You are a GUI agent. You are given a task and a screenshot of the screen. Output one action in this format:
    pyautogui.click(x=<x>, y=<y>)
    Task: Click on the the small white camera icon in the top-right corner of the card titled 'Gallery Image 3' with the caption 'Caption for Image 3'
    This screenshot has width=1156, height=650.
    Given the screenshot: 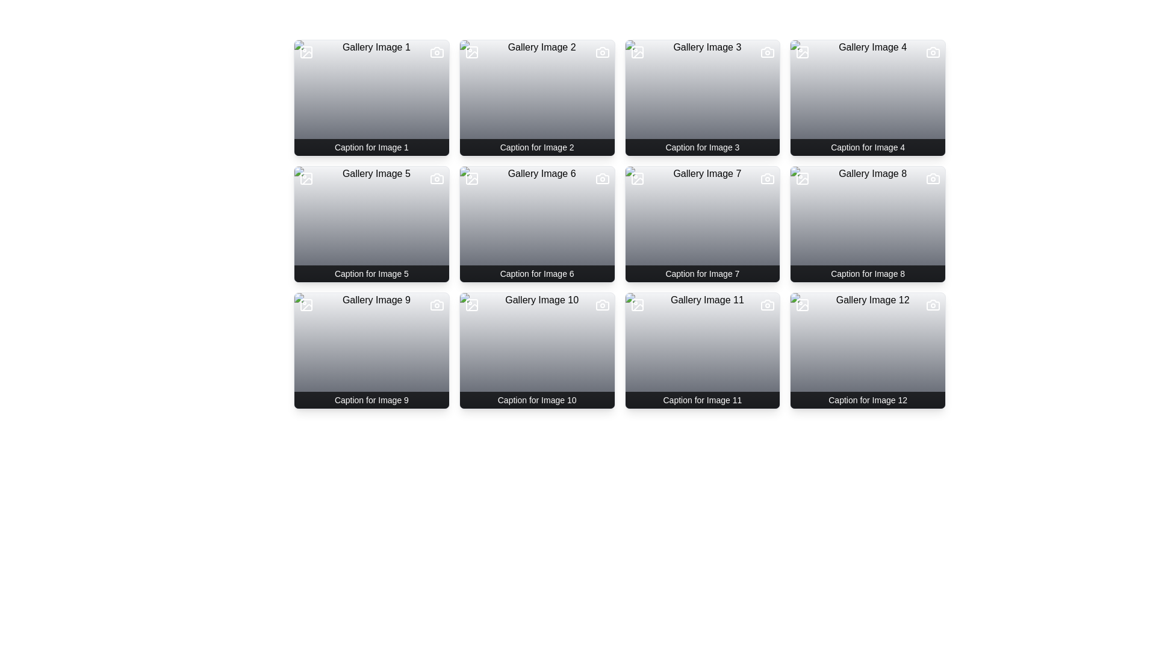 What is the action you would take?
    pyautogui.click(x=767, y=52)
    